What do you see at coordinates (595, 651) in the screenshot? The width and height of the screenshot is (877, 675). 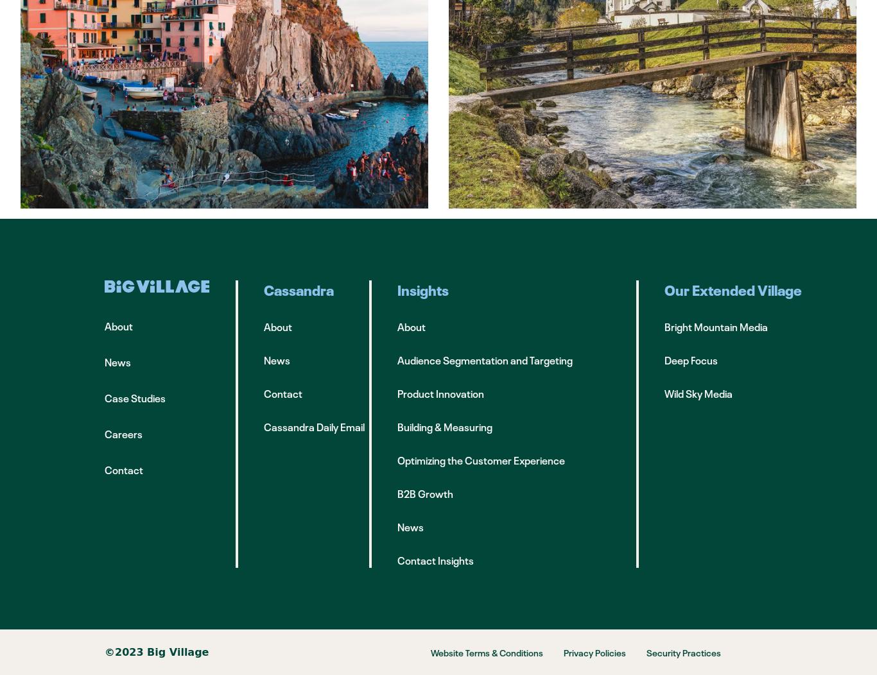 I see `'Privacy Policies'` at bounding box center [595, 651].